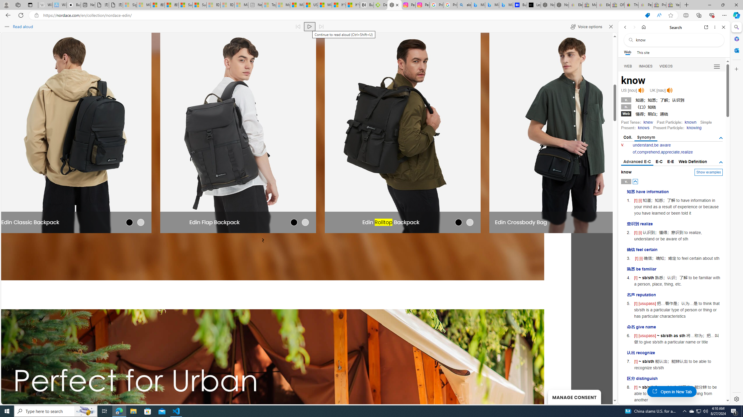 This screenshot has height=417, width=743. I want to click on 'Read previous paragraph', so click(298, 26).